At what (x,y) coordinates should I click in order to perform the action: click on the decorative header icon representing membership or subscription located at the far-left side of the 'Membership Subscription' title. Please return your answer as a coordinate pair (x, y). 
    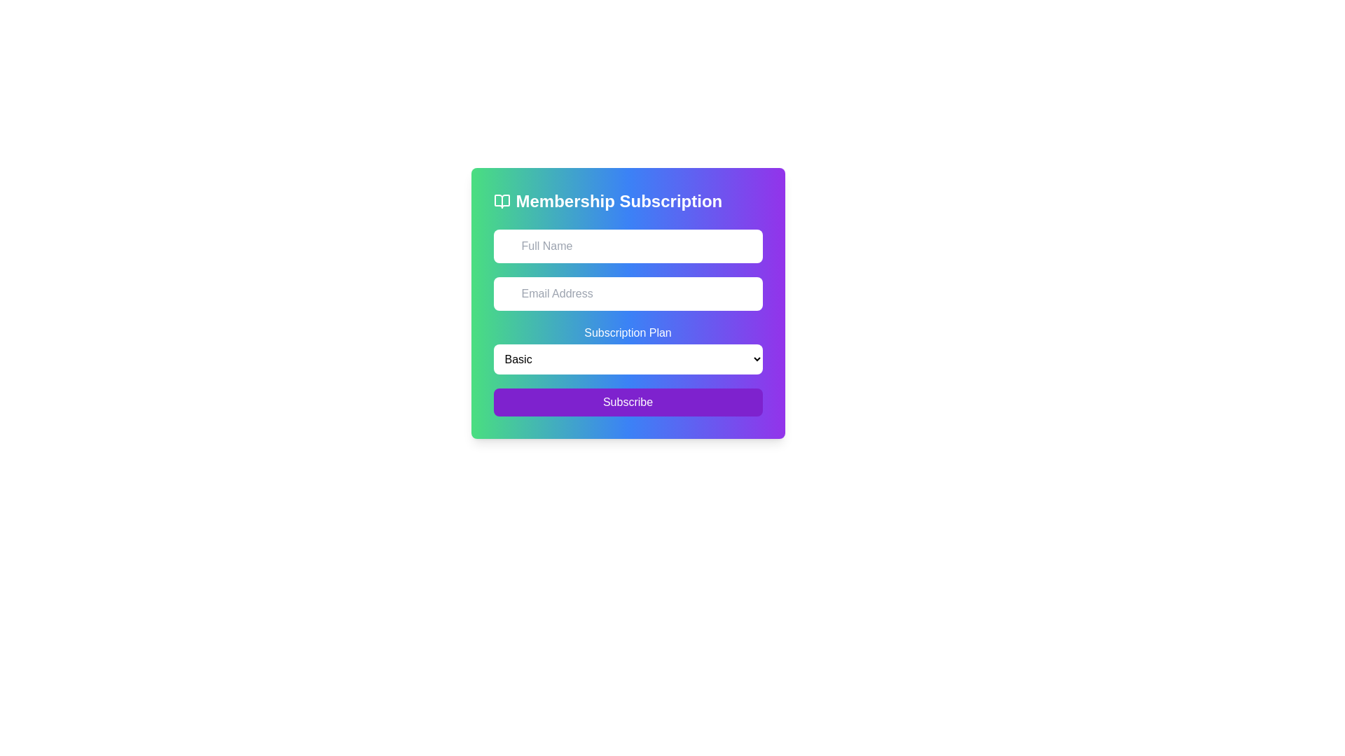
    Looking at the image, I should click on (502, 202).